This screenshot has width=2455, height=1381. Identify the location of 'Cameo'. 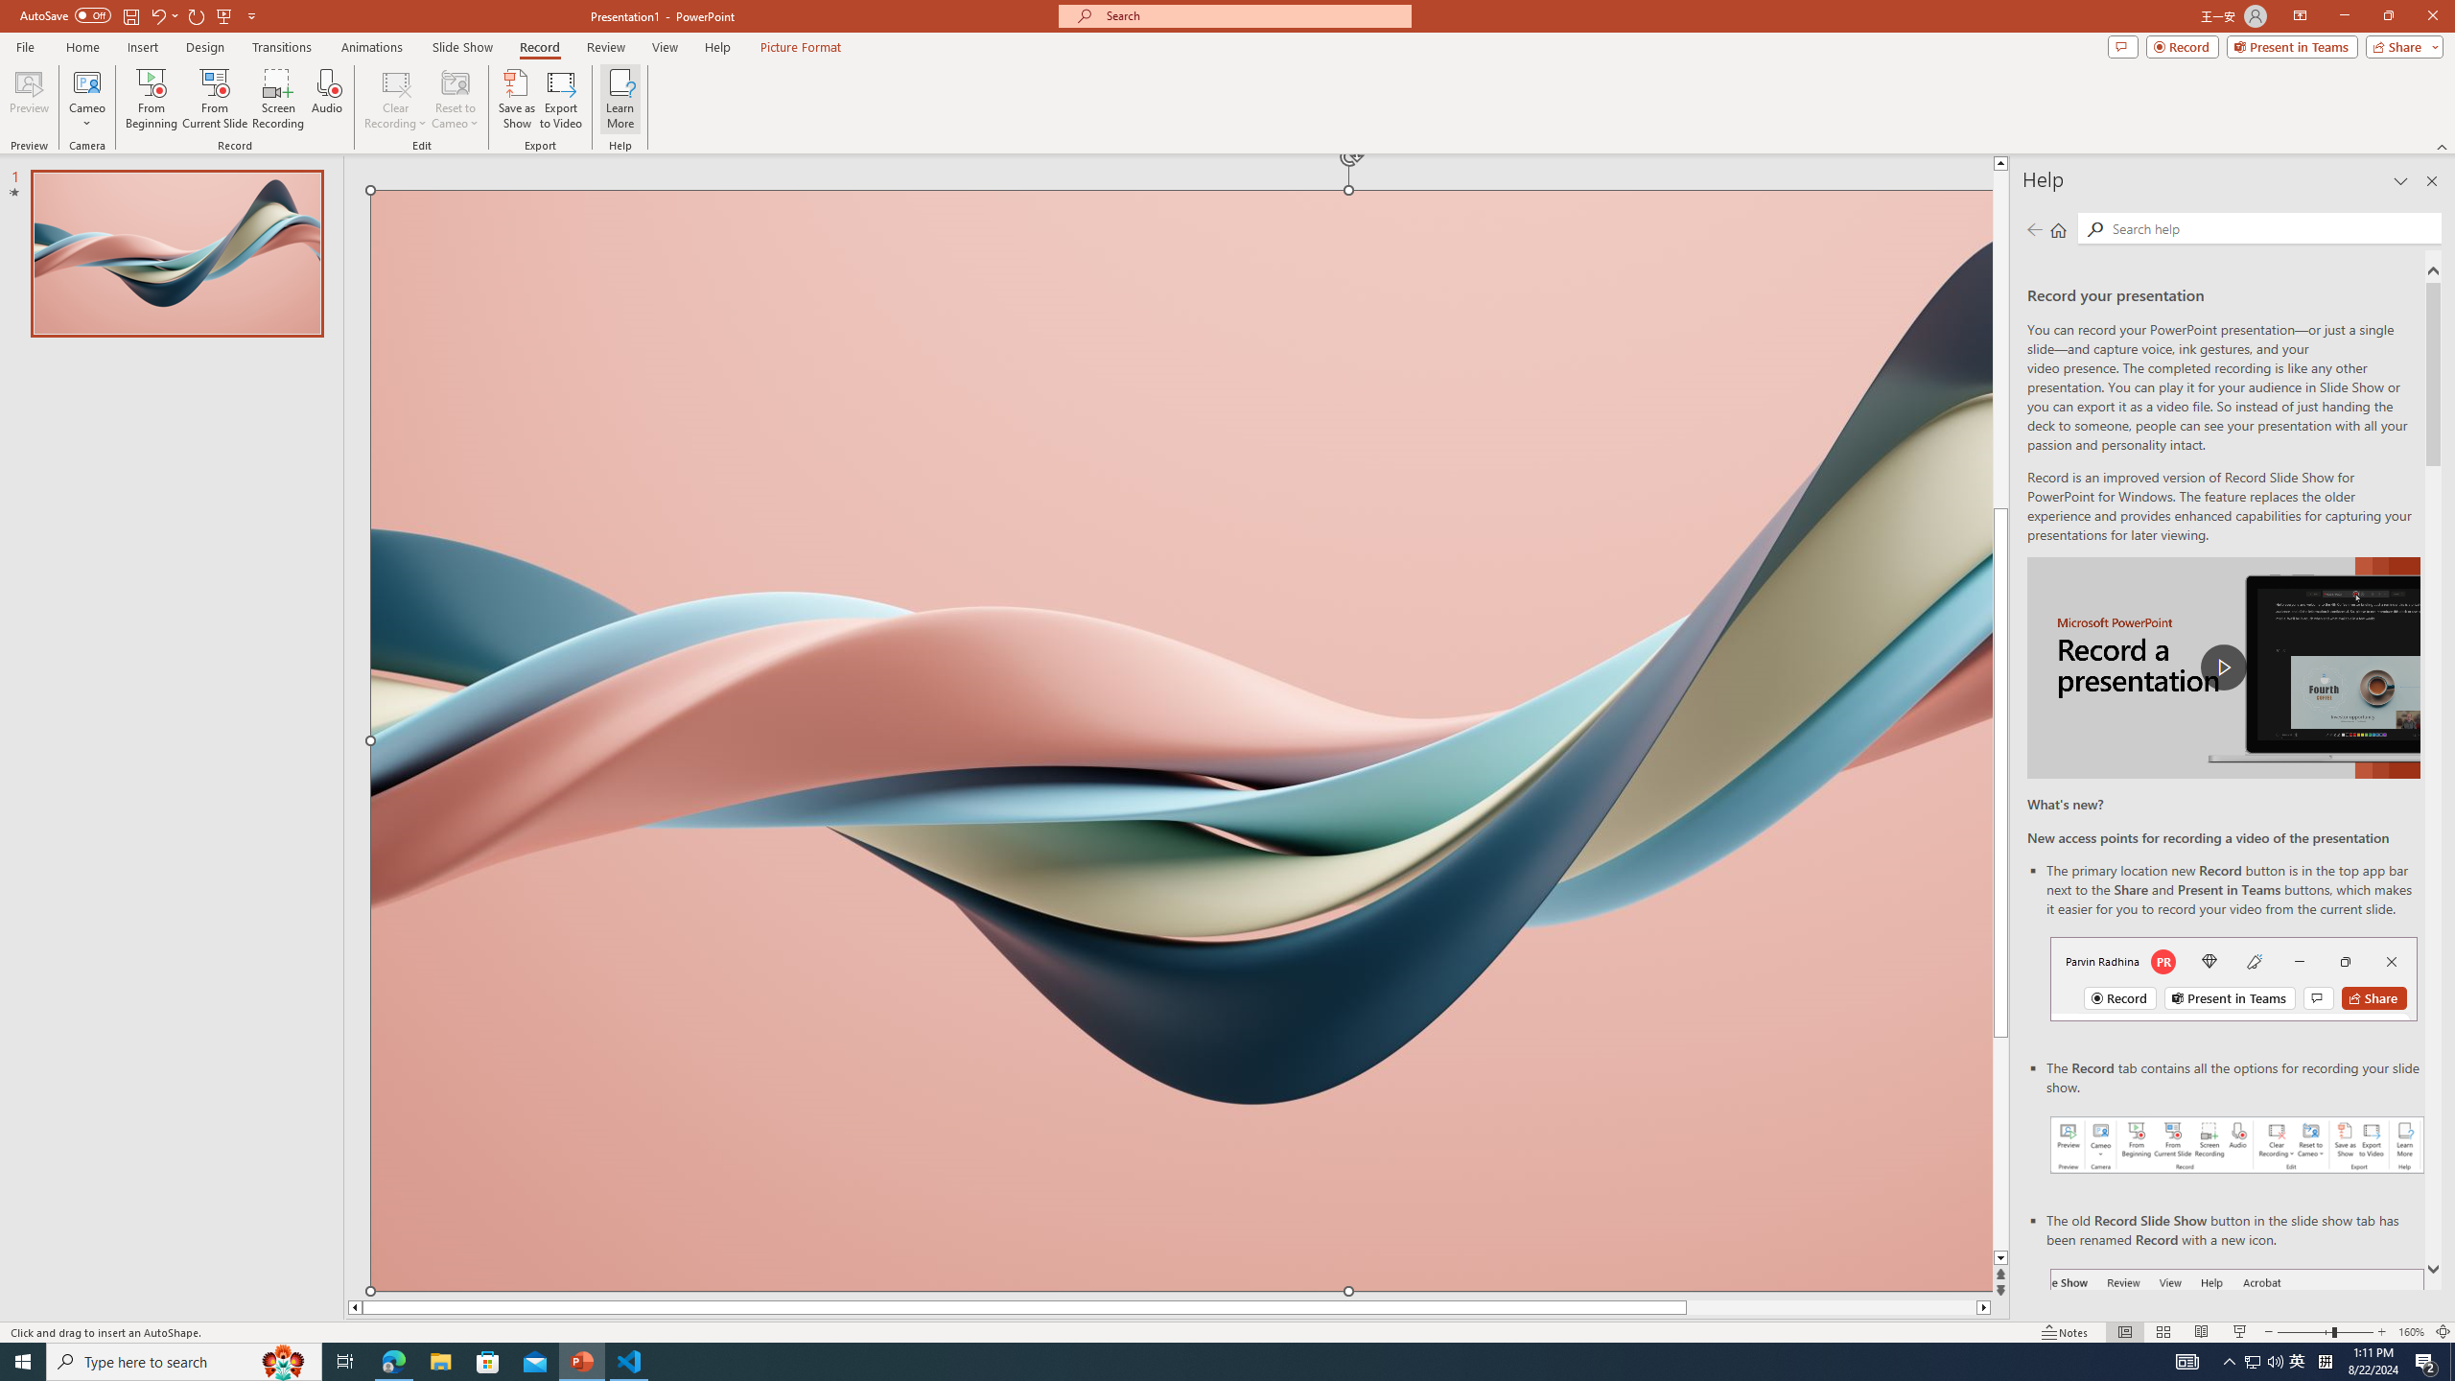
(85, 99).